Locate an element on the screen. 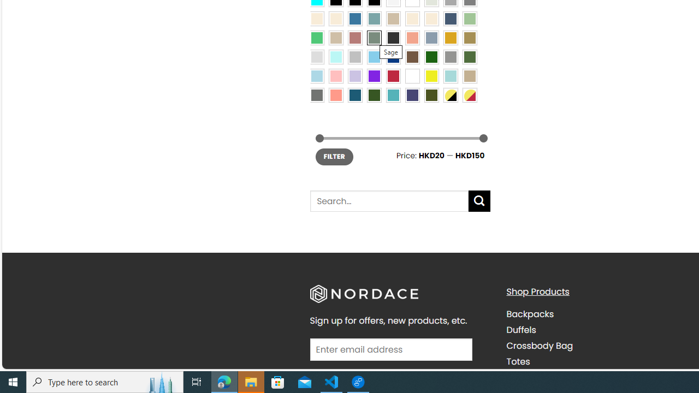 The image size is (699, 393). 'Teal' is located at coordinates (393, 94).